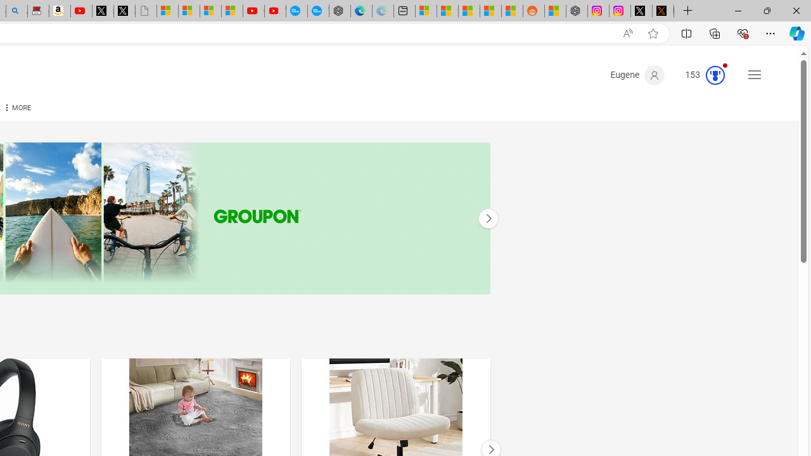 Image resolution: width=811 pixels, height=456 pixels. What do you see at coordinates (715, 75) in the screenshot?
I see `'Class: medal-circled'` at bounding box center [715, 75].